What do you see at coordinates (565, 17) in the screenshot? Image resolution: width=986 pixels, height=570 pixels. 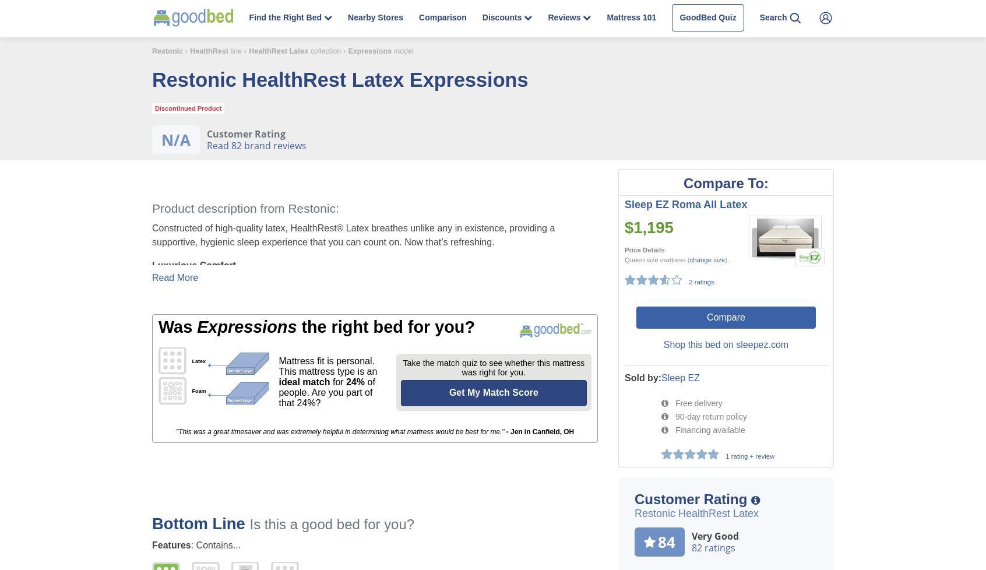 I see `'Reviews'` at bounding box center [565, 17].